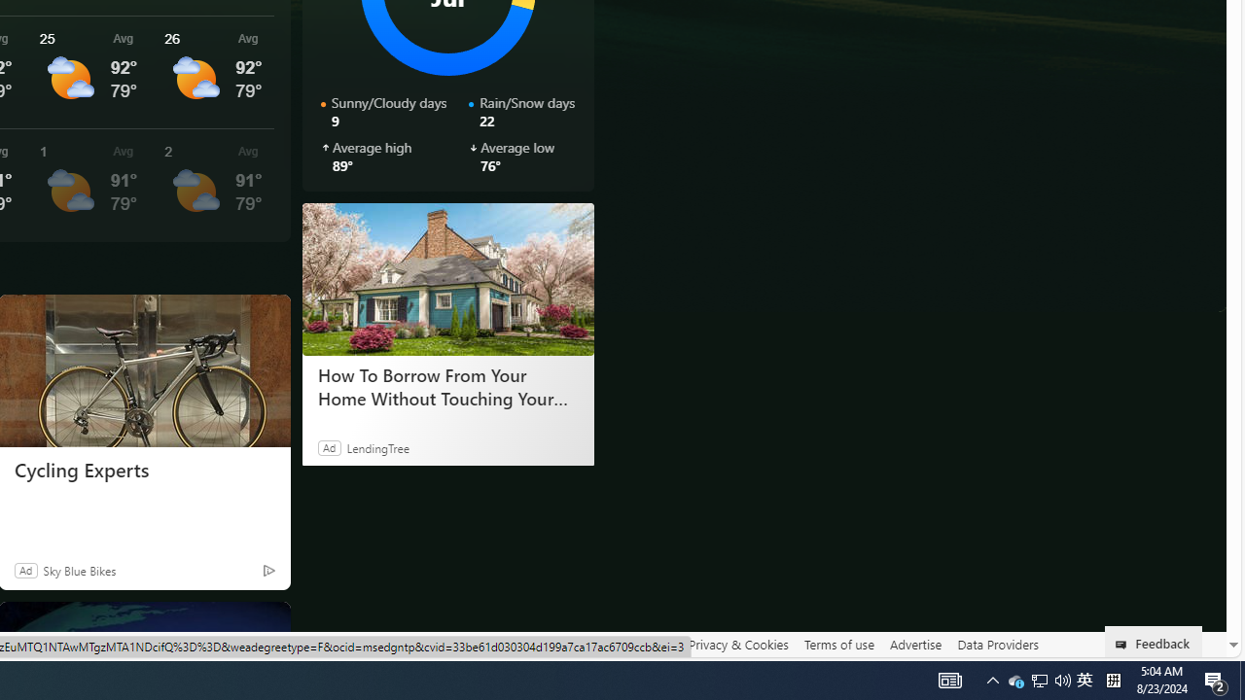  I want to click on 'Data Providers', so click(997, 645).